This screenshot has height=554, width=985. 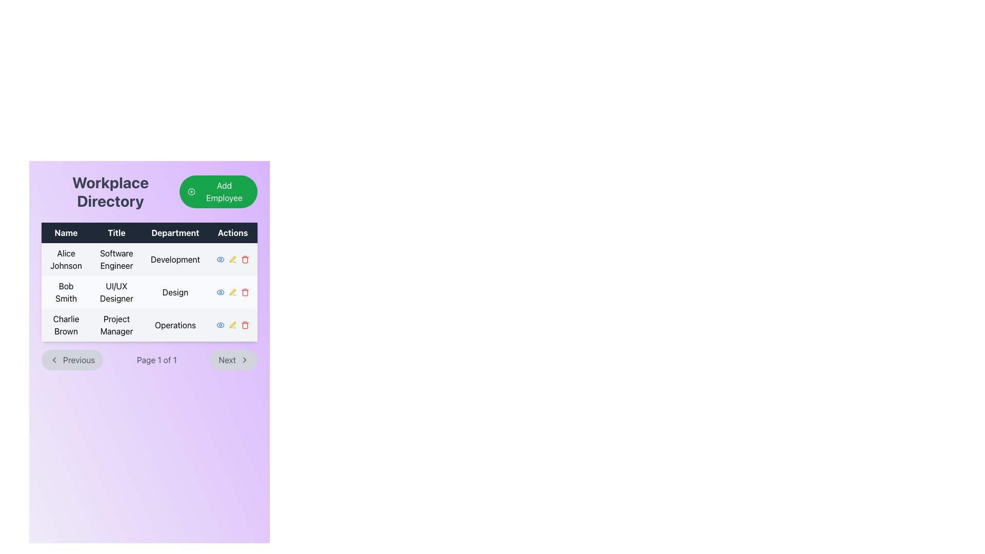 I want to click on the static text display that shows 'Development' in the 'Department' column of the table, aligned with 'Alice Johnson', so click(x=175, y=259).